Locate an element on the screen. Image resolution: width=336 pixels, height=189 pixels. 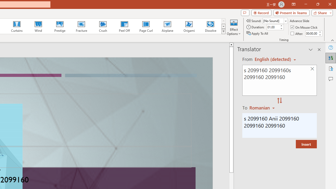
'On Mouse Click' is located at coordinates (304, 27).